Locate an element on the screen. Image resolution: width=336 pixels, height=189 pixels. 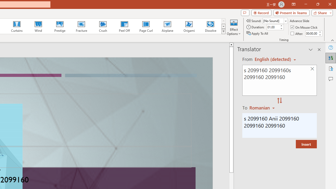
'On Mouse Click' is located at coordinates (304, 27).